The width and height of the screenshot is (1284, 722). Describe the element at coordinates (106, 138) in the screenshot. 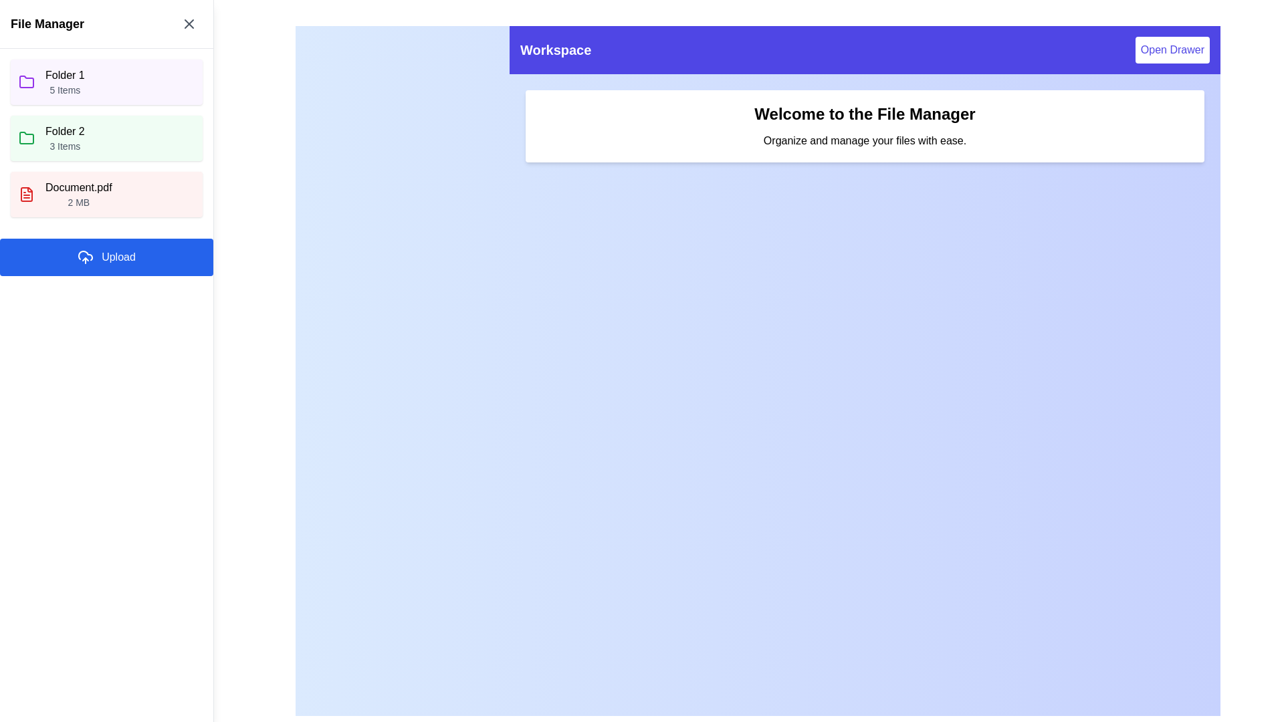

I see `the 'Folder 2' information block in the file manager application` at that location.